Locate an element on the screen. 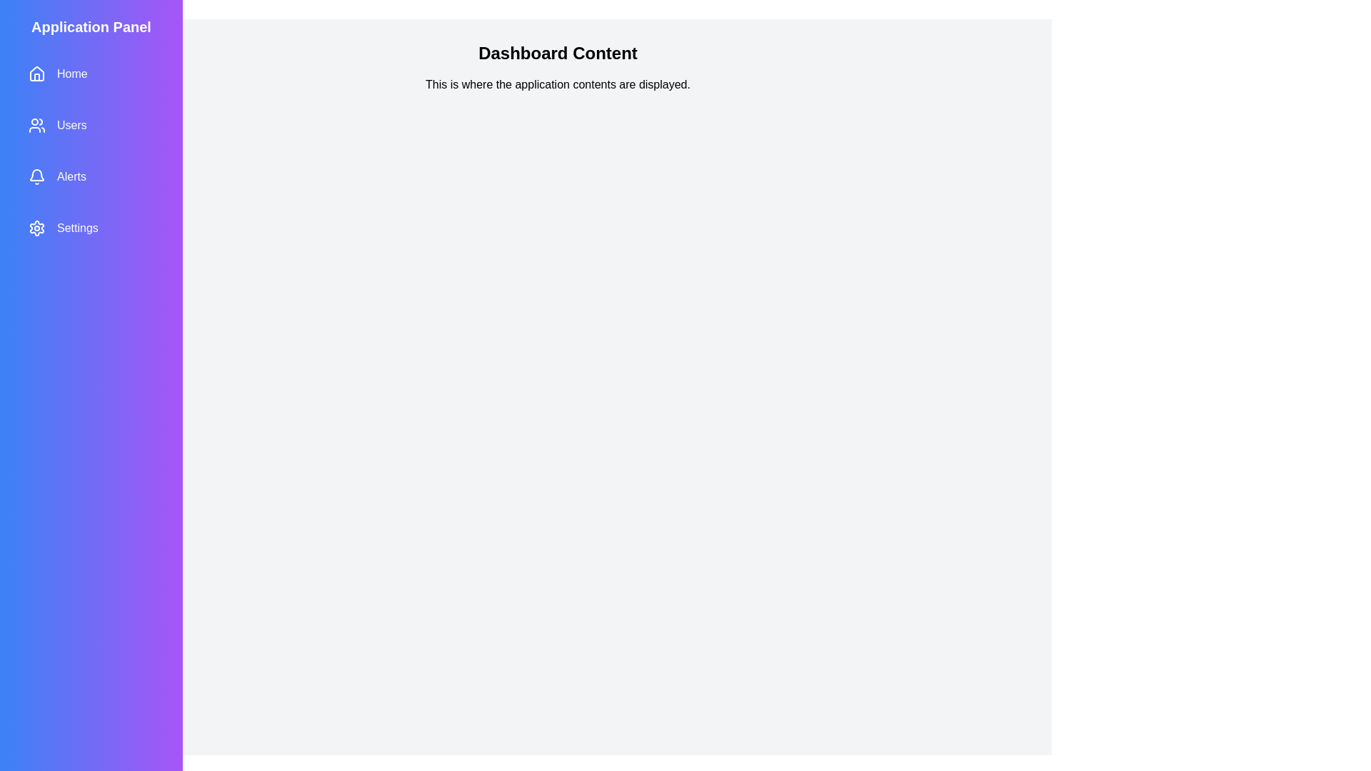  the sidebar header labeled 'Application Panel' is located at coordinates (91, 27).